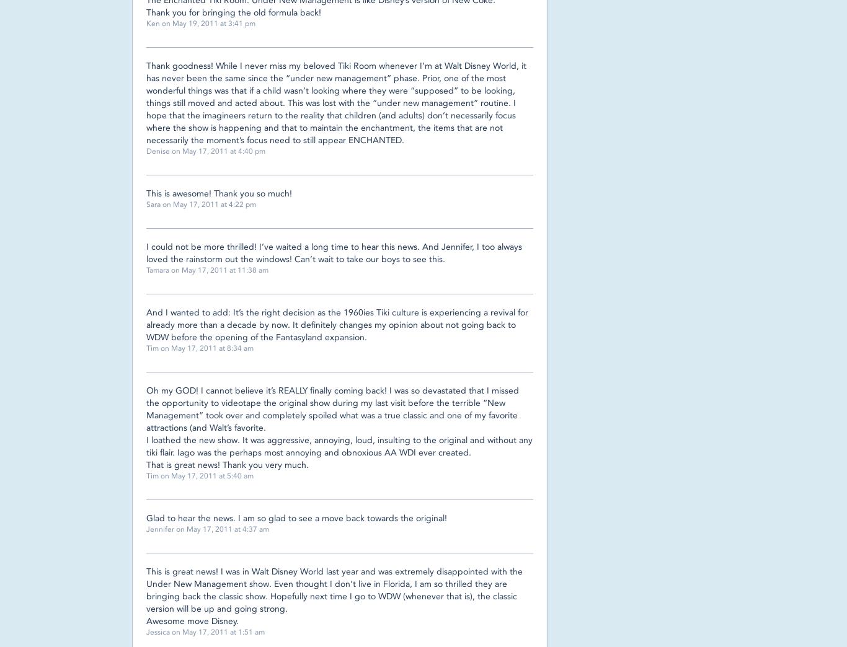 The height and width of the screenshot is (647, 847). Describe the element at coordinates (146, 102) in the screenshot. I see `'Thank goodness!  While I never miss my beloved Tiki Room whenever I’m at Walt Disney World, it has never been the same since the “under new management” phase.  Prior, one of the most wonderful things was that if a child wasn’t looking where they were “supposed” to be looking, things still moved and acted about.  This was lost with the “under new management” routine.  I hope that the imagineers return to the reality that children (and adults) don’t necessarily focus where the show is happening and that to maintain the enchantment, the items that are not necessarily the moment’s focus need to still appear ENCHANTED.'` at that location.